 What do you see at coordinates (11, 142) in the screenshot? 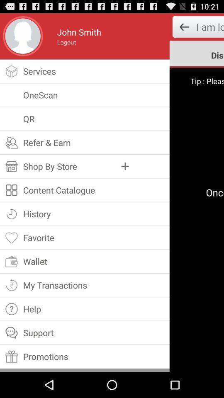
I see `the symbol of refer  earn` at bounding box center [11, 142].